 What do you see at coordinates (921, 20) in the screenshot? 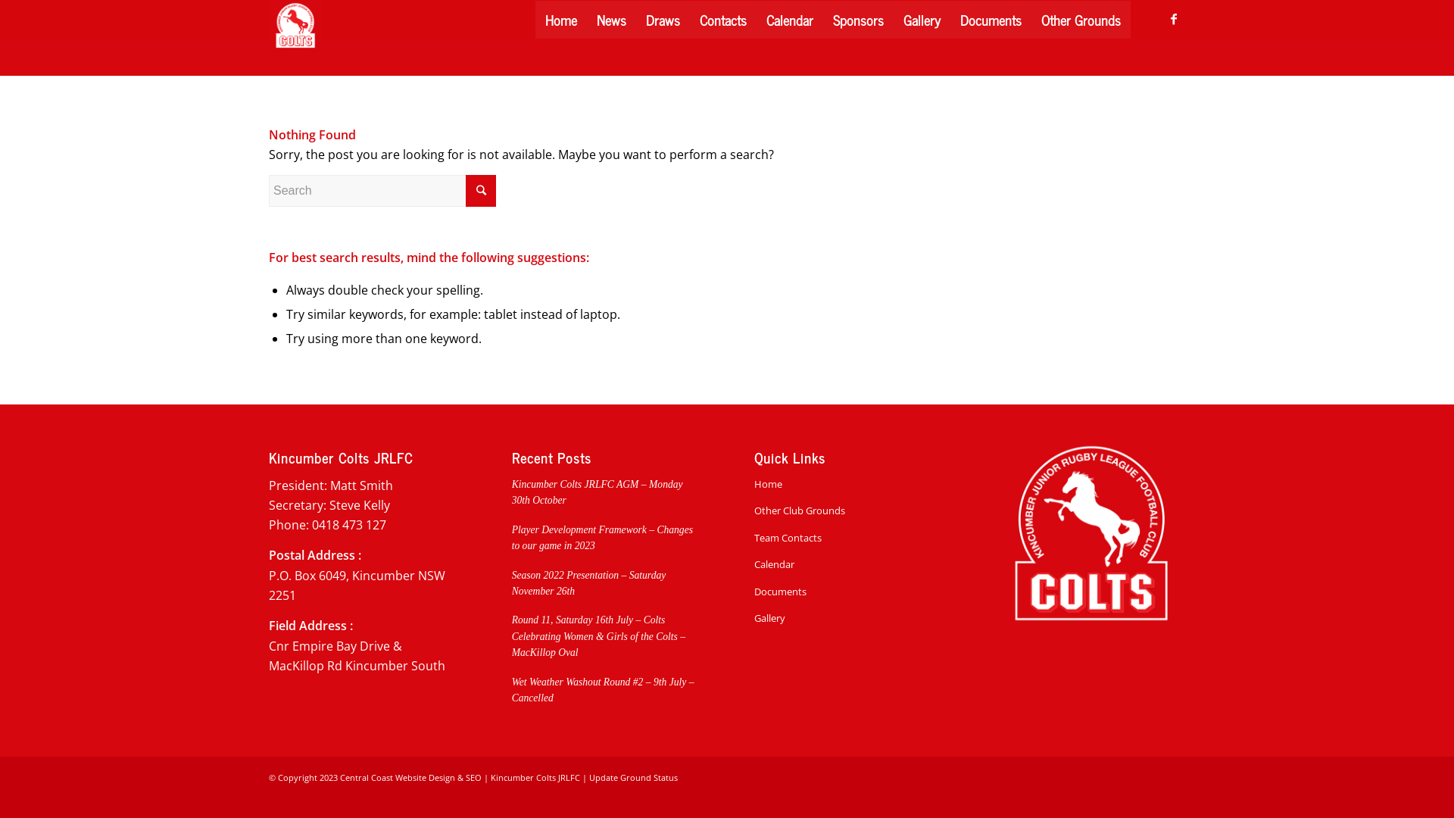
I see `'Gallery'` at bounding box center [921, 20].